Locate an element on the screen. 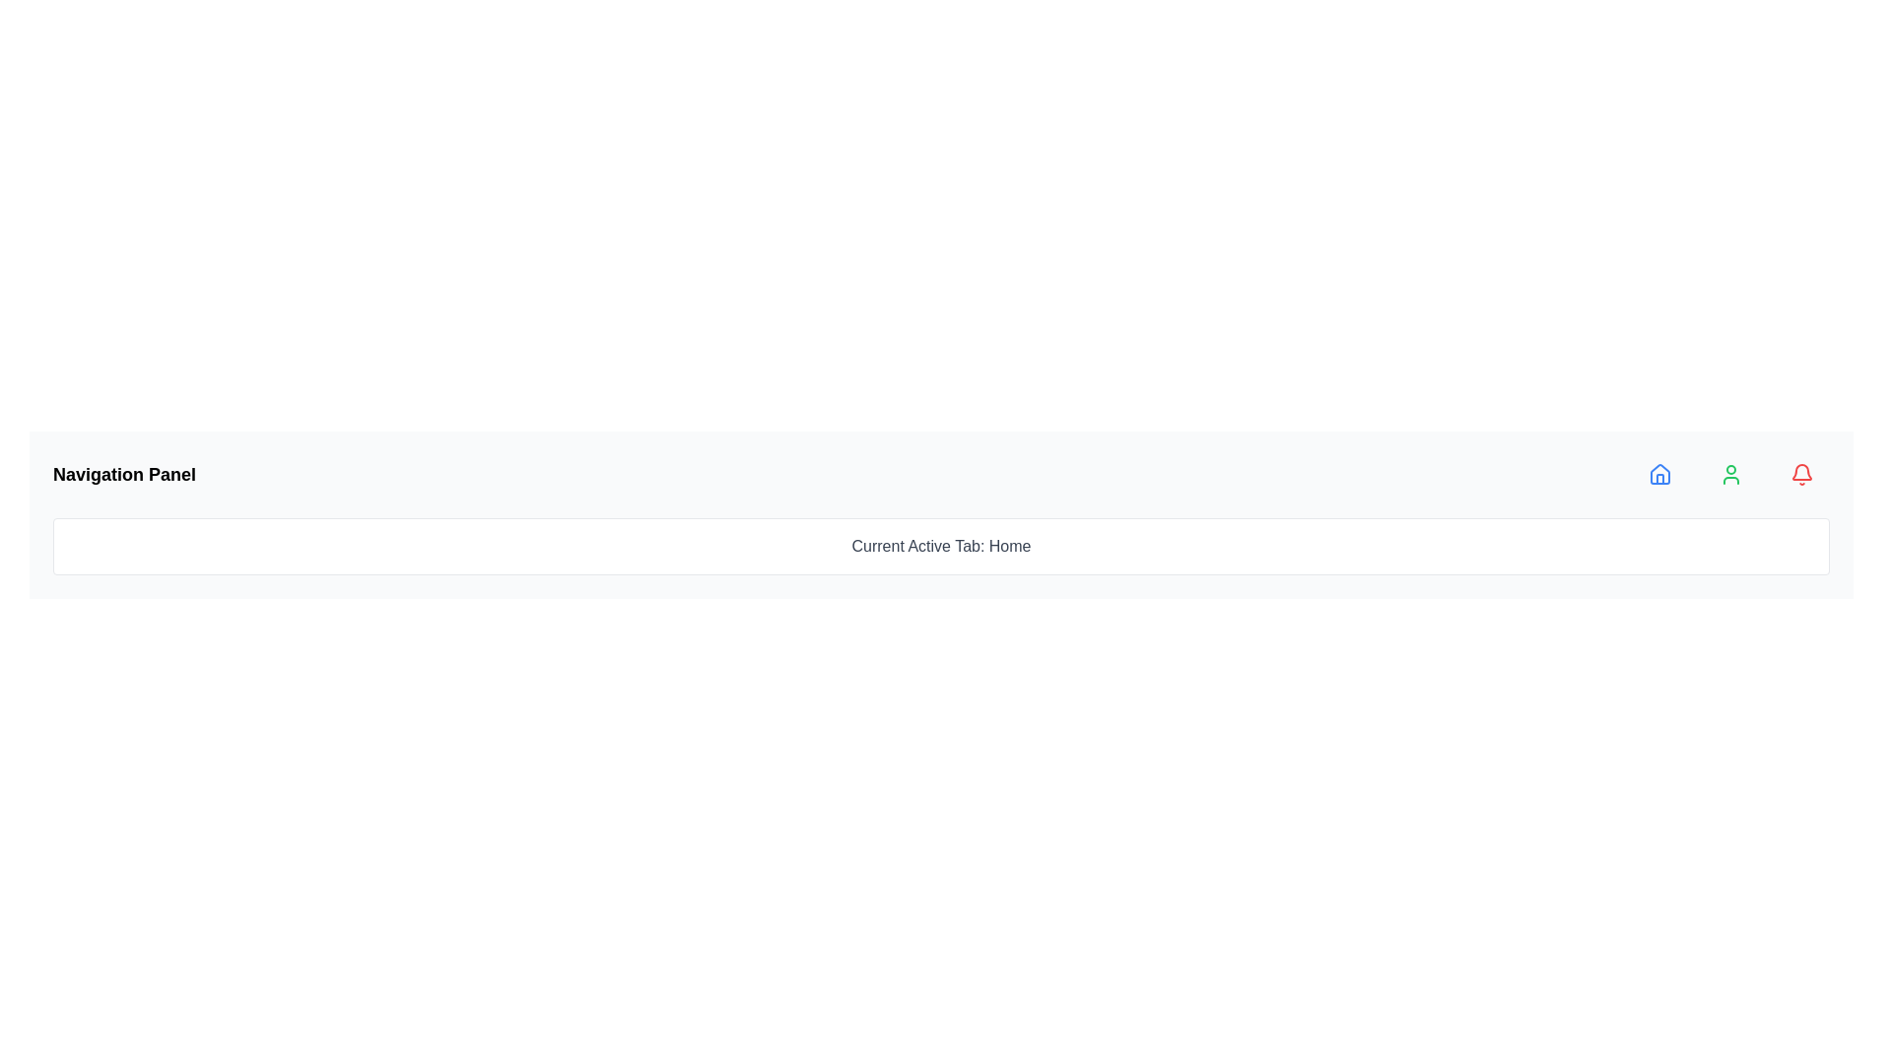 This screenshot has height=1064, width=1892. the title label in the top-left corner of the navigation section, which aids users in identifying the corresponding functionality or section of the interface is located at coordinates (123, 475).